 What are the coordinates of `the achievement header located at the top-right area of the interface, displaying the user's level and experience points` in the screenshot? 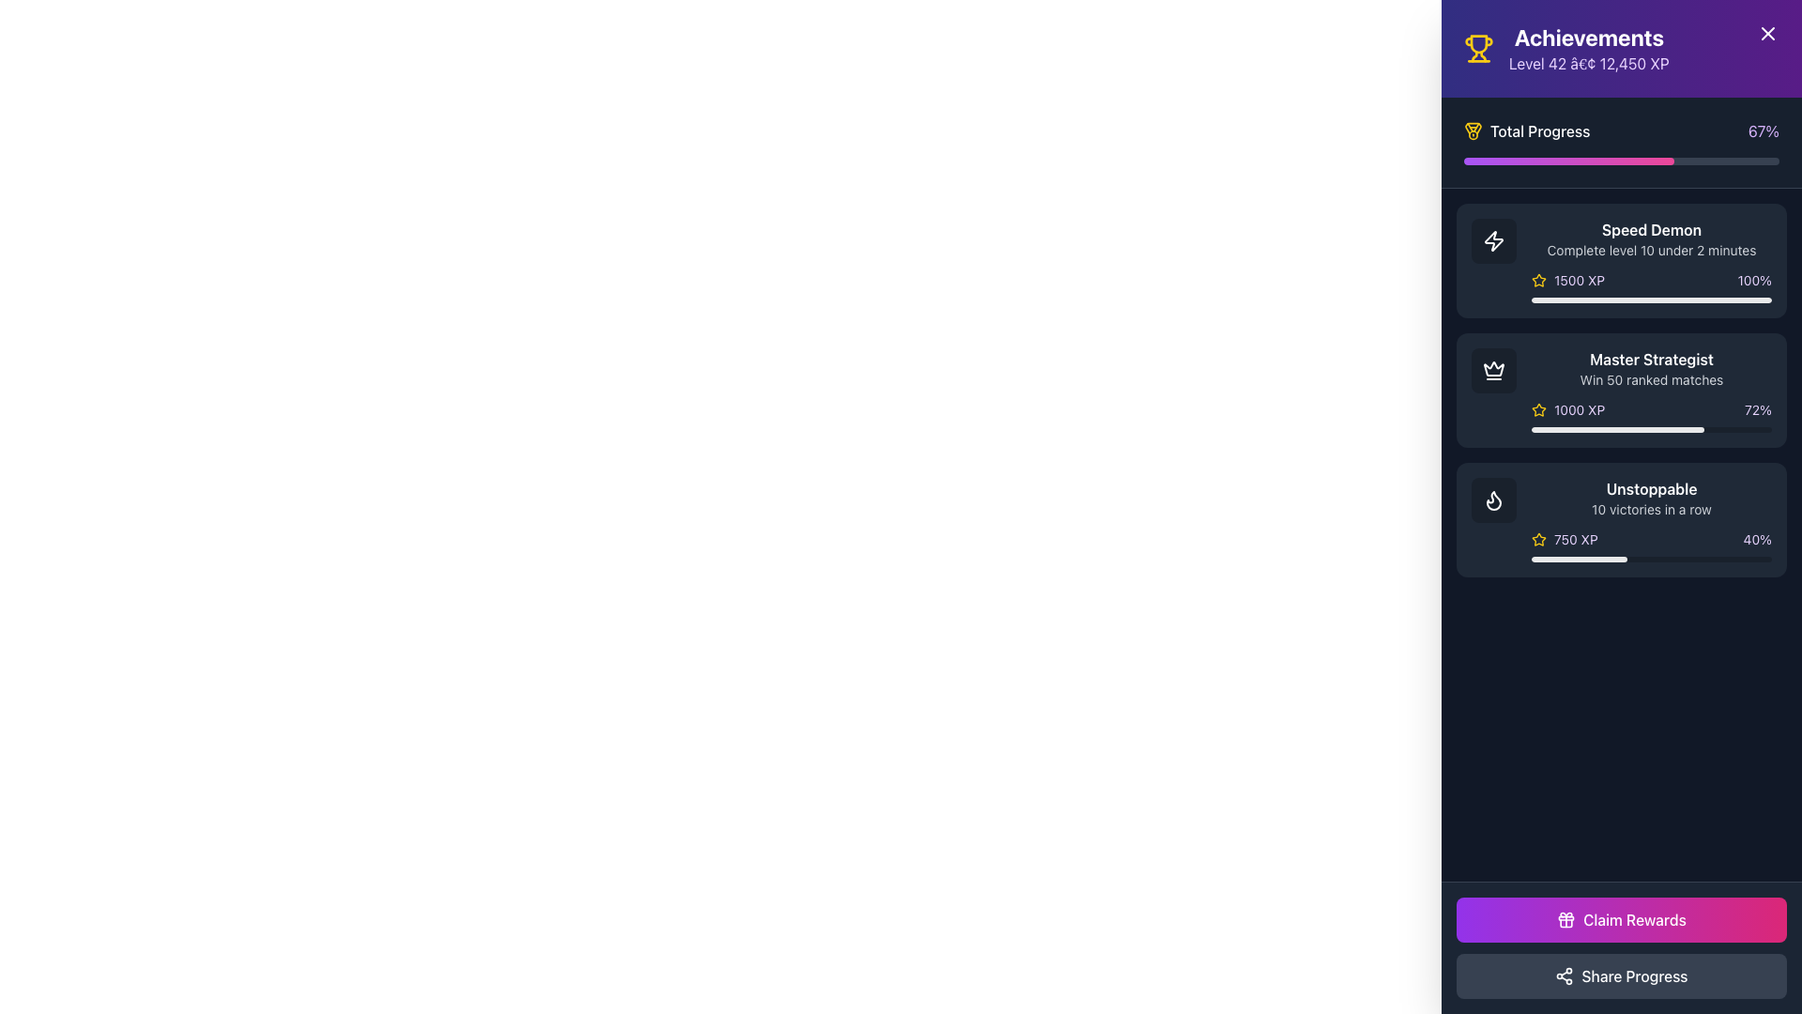 It's located at (1621, 47).